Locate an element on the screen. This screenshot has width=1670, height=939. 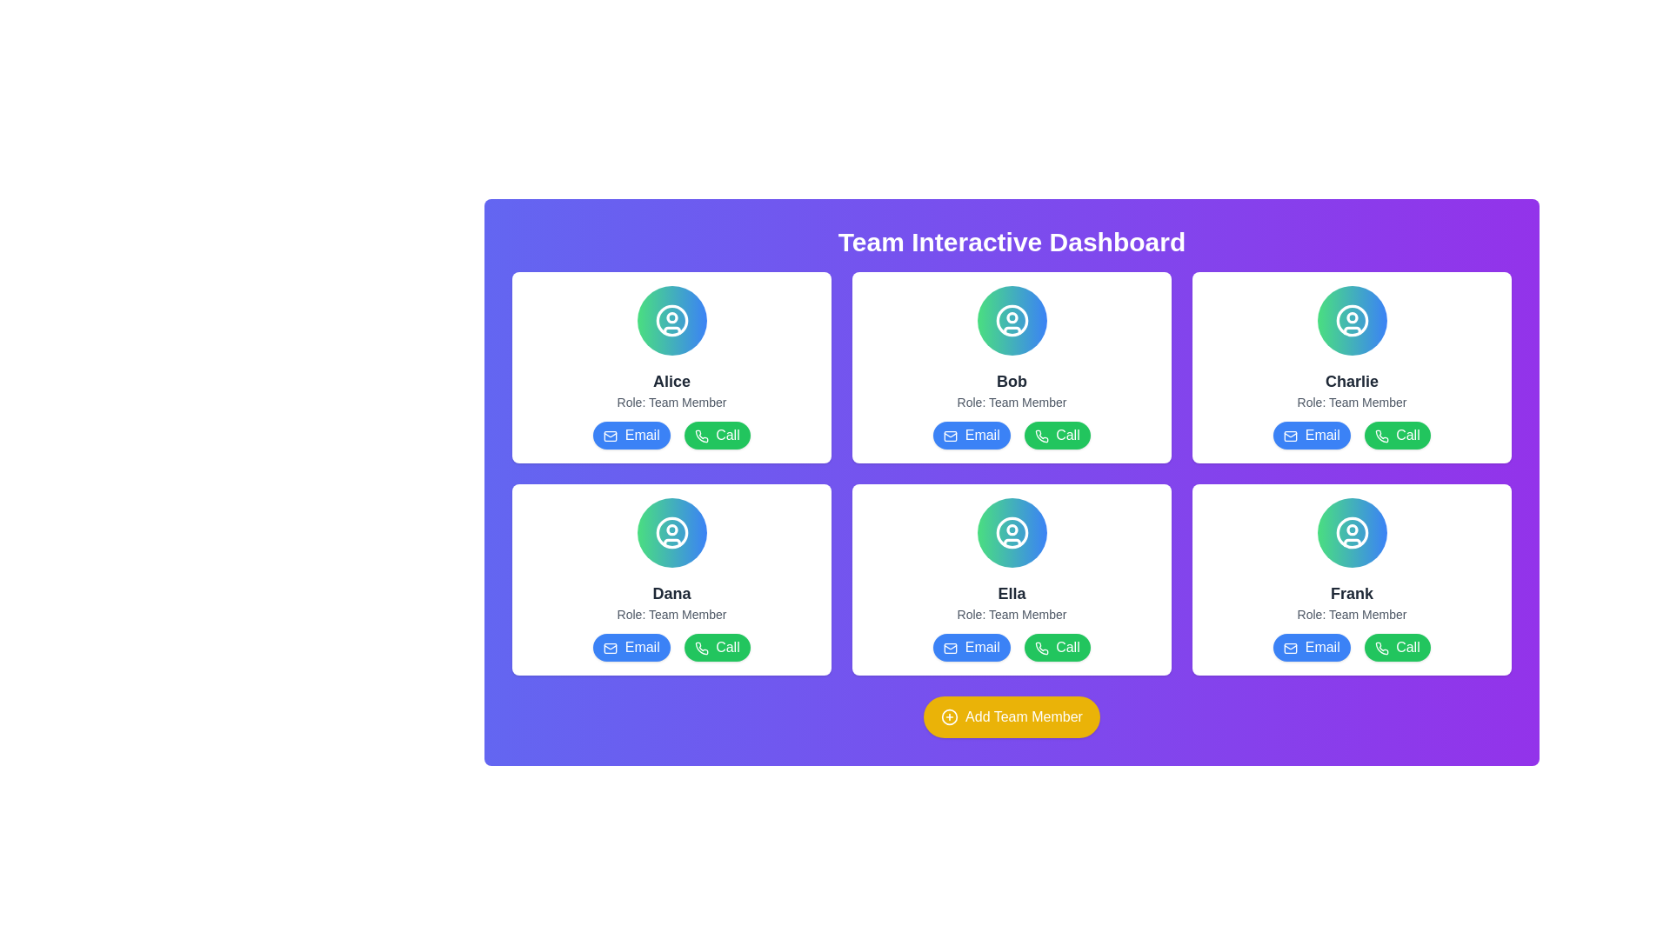
the circular outline graphic component representing Dana's user avatar in the profile section of the dashboard is located at coordinates (671, 532).